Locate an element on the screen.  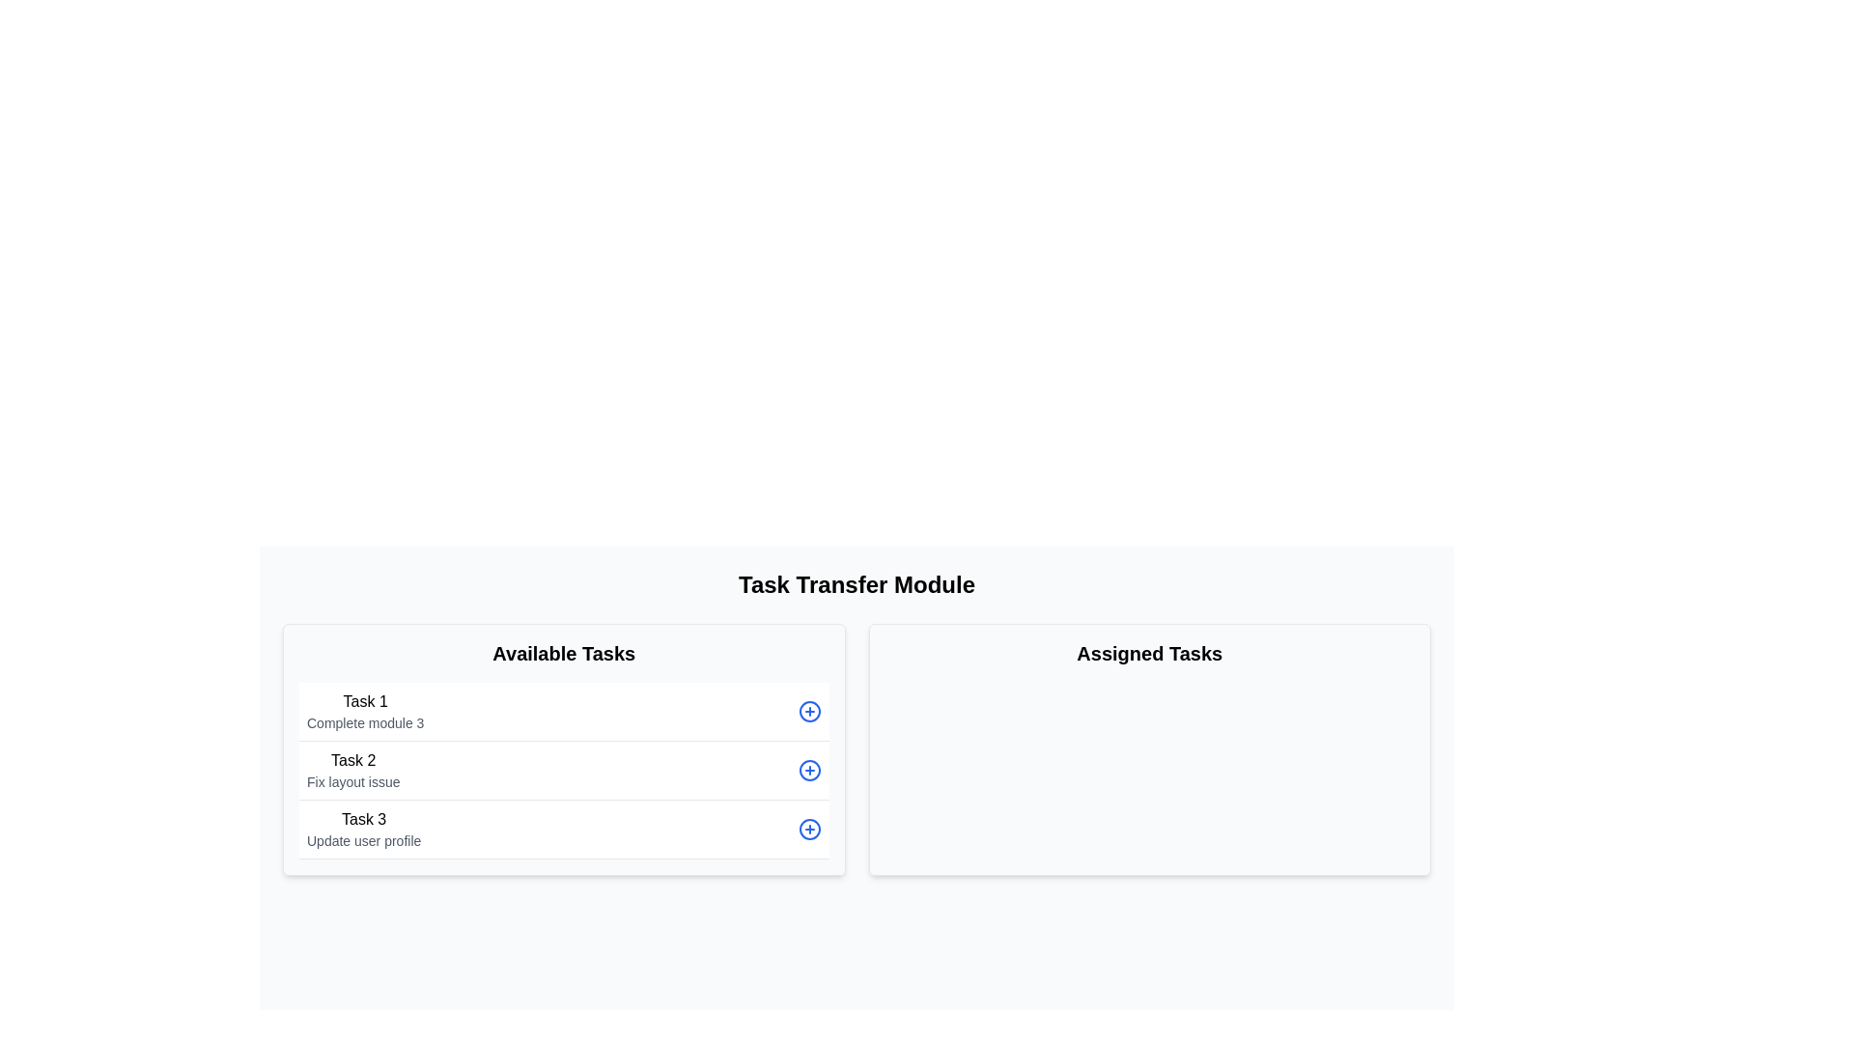
to select the task 'Task 1' with description 'Complete module 3', located in the first task row under the 'Available Tasks' column is located at coordinates (365, 711).